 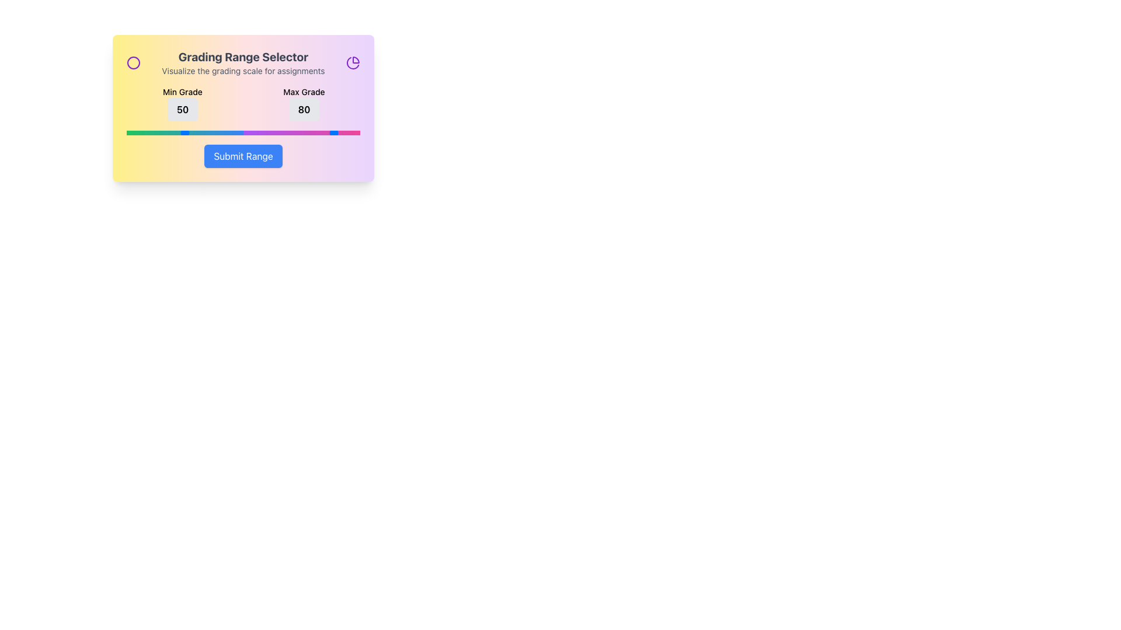 What do you see at coordinates (151, 132) in the screenshot?
I see `the slider value` at bounding box center [151, 132].